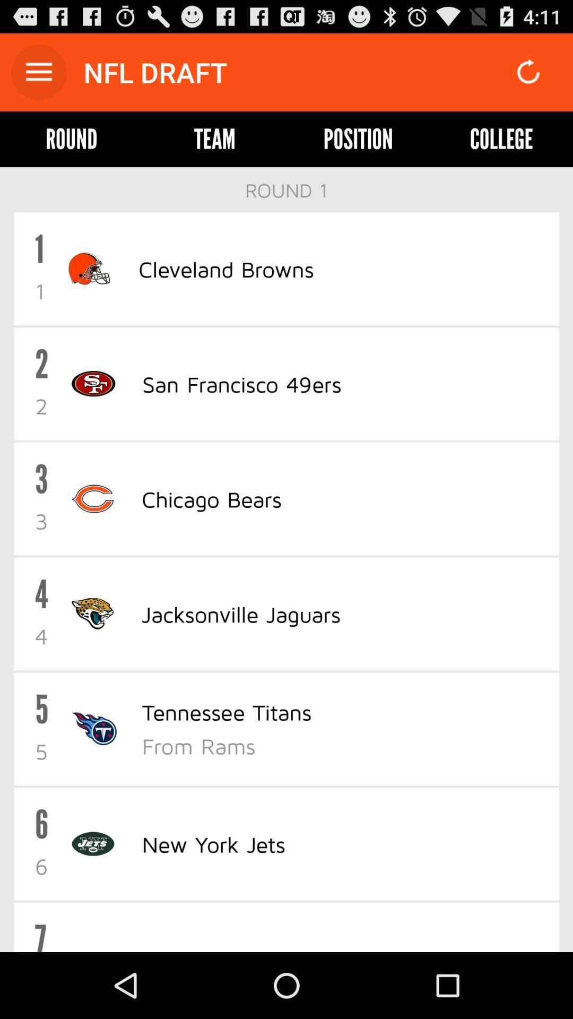 This screenshot has height=1019, width=573. I want to click on chicago bears icon, so click(211, 498).